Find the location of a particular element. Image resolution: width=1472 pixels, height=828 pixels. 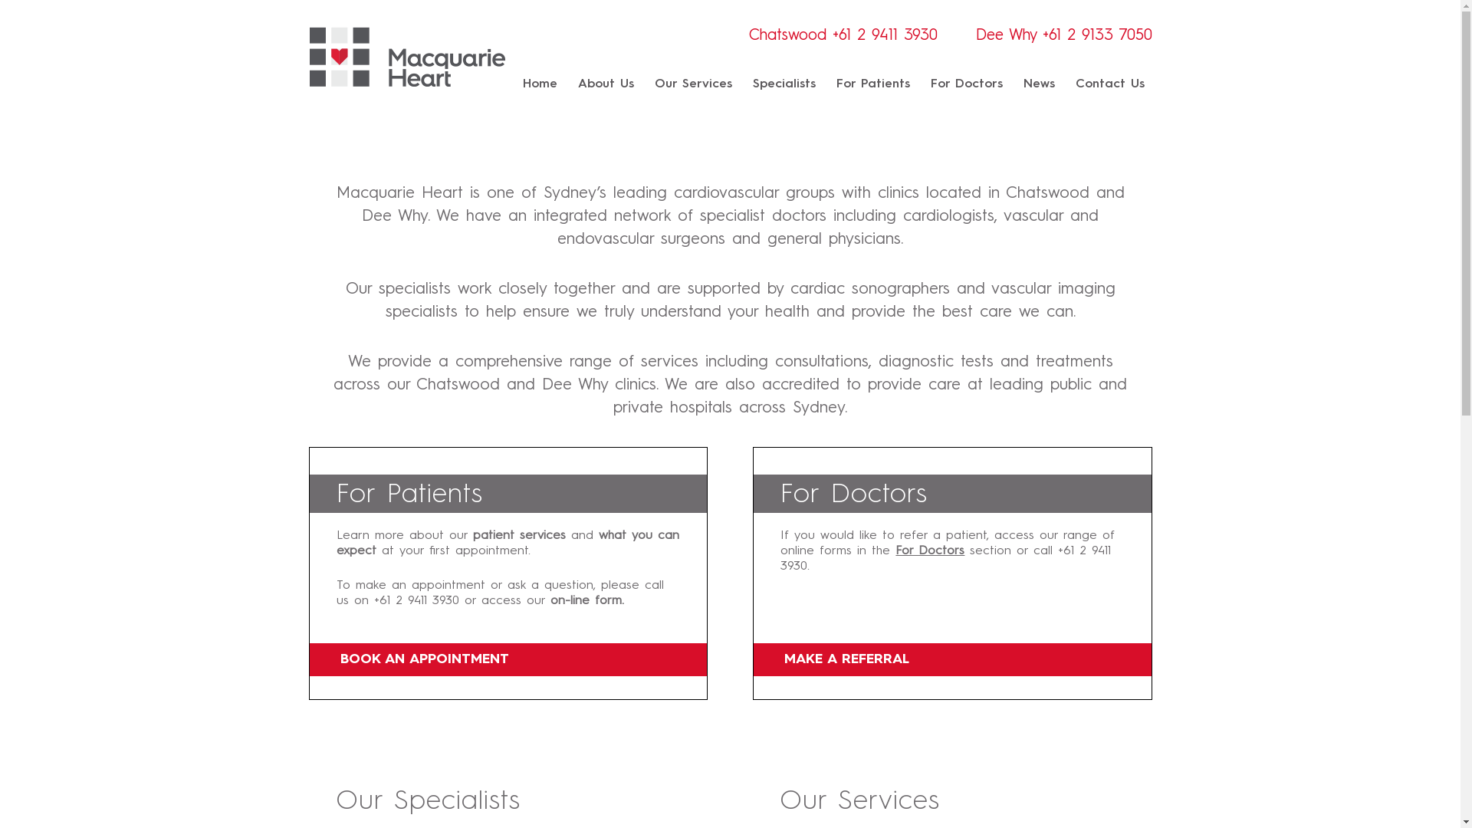

'MAKE A REFERRAL' is located at coordinates (951, 659).